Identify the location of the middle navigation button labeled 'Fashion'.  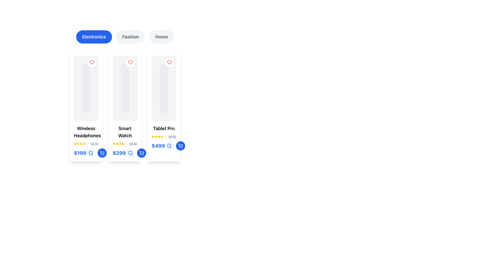
(125, 37).